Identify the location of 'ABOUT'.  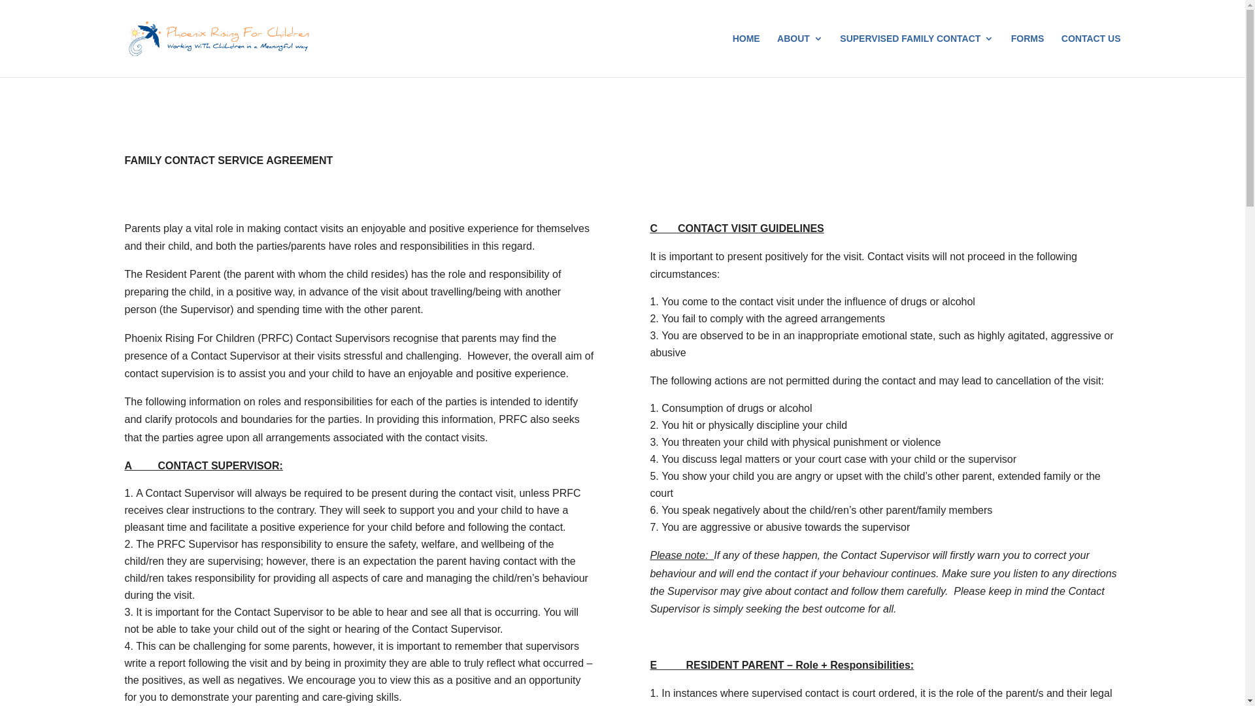
(799, 54).